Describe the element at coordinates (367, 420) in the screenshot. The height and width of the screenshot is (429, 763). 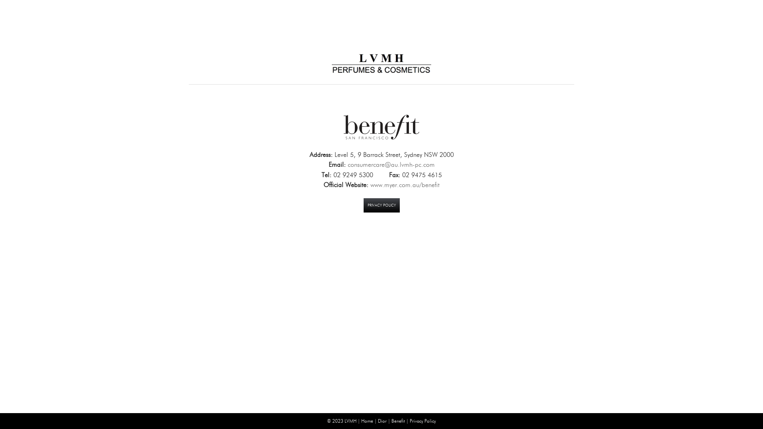
I see `'Home'` at that location.